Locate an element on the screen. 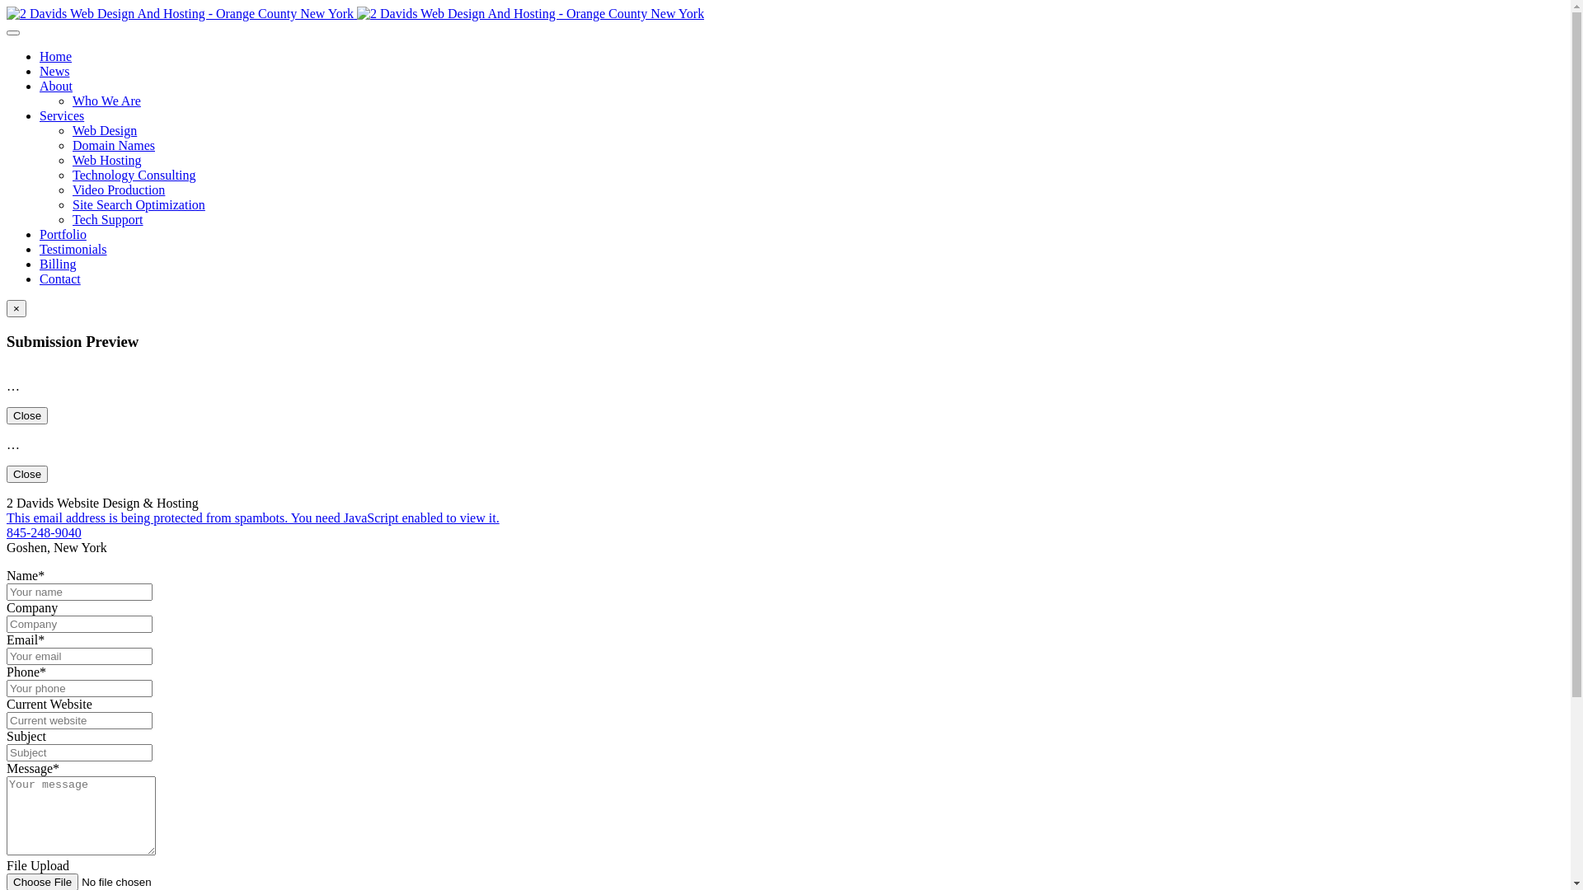 The width and height of the screenshot is (1583, 890). 'Services' is located at coordinates (62, 115).